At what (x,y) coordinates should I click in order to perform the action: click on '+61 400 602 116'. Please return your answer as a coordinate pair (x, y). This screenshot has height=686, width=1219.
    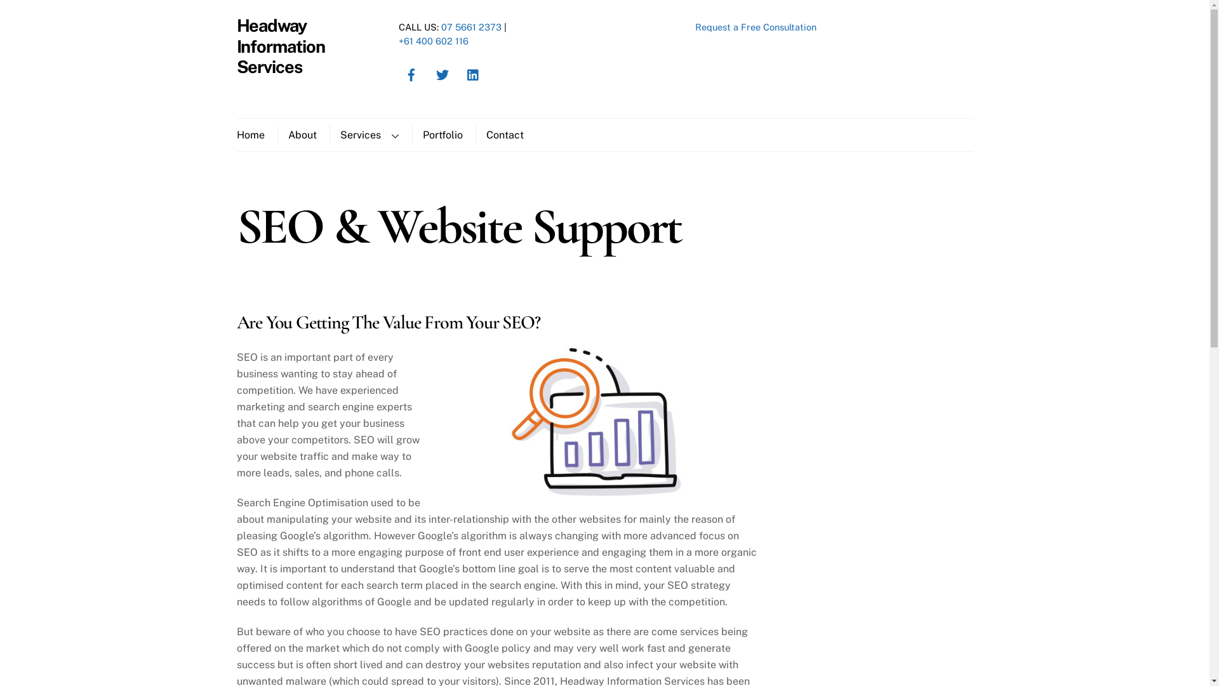
    Looking at the image, I should click on (433, 40).